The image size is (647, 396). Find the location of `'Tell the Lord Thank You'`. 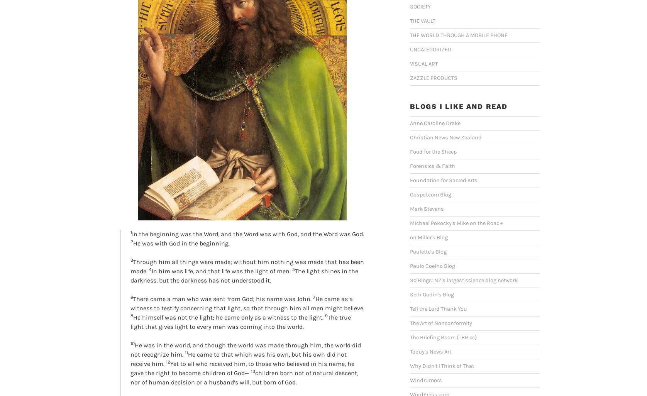

'Tell the Lord Thank You' is located at coordinates (438, 308).